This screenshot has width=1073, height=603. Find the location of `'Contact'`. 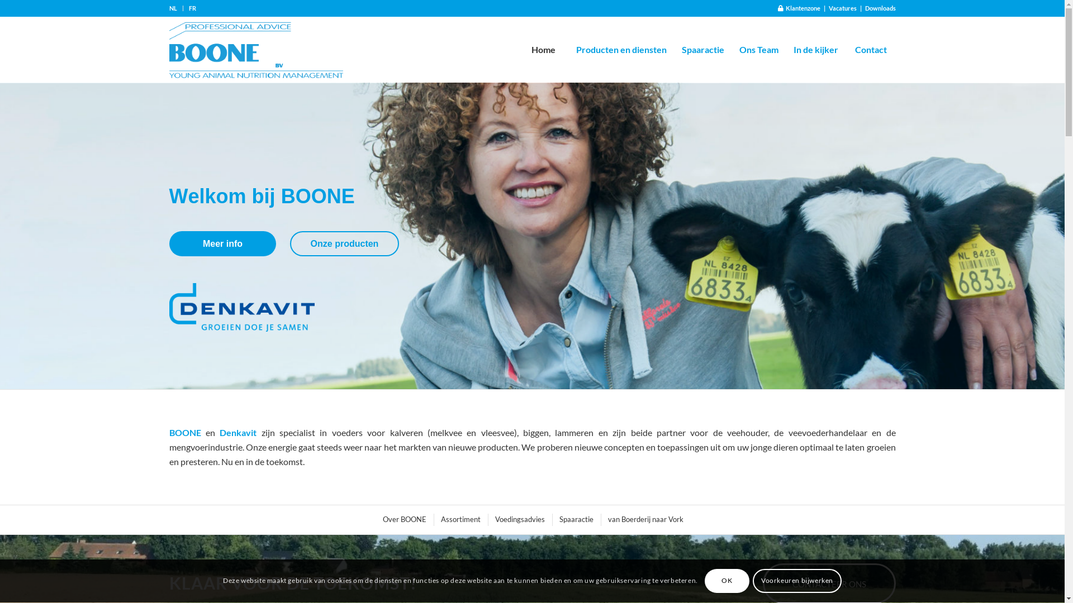

'Contact' is located at coordinates (869, 49).